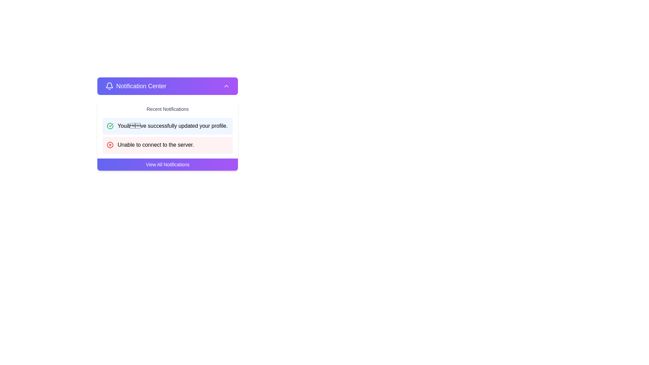 The image size is (649, 365). What do you see at coordinates (172, 126) in the screenshot?
I see `the Text Label indicating successful completion of an action within the 'Recent Notifications' section` at bounding box center [172, 126].